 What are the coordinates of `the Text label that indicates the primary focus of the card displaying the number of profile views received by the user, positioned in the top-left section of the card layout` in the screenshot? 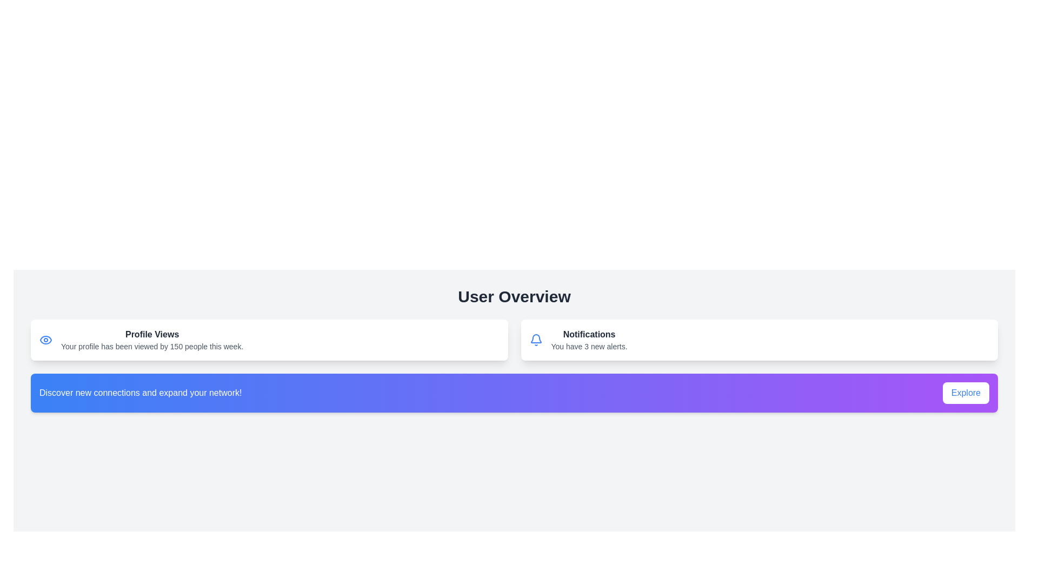 It's located at (151, 334).